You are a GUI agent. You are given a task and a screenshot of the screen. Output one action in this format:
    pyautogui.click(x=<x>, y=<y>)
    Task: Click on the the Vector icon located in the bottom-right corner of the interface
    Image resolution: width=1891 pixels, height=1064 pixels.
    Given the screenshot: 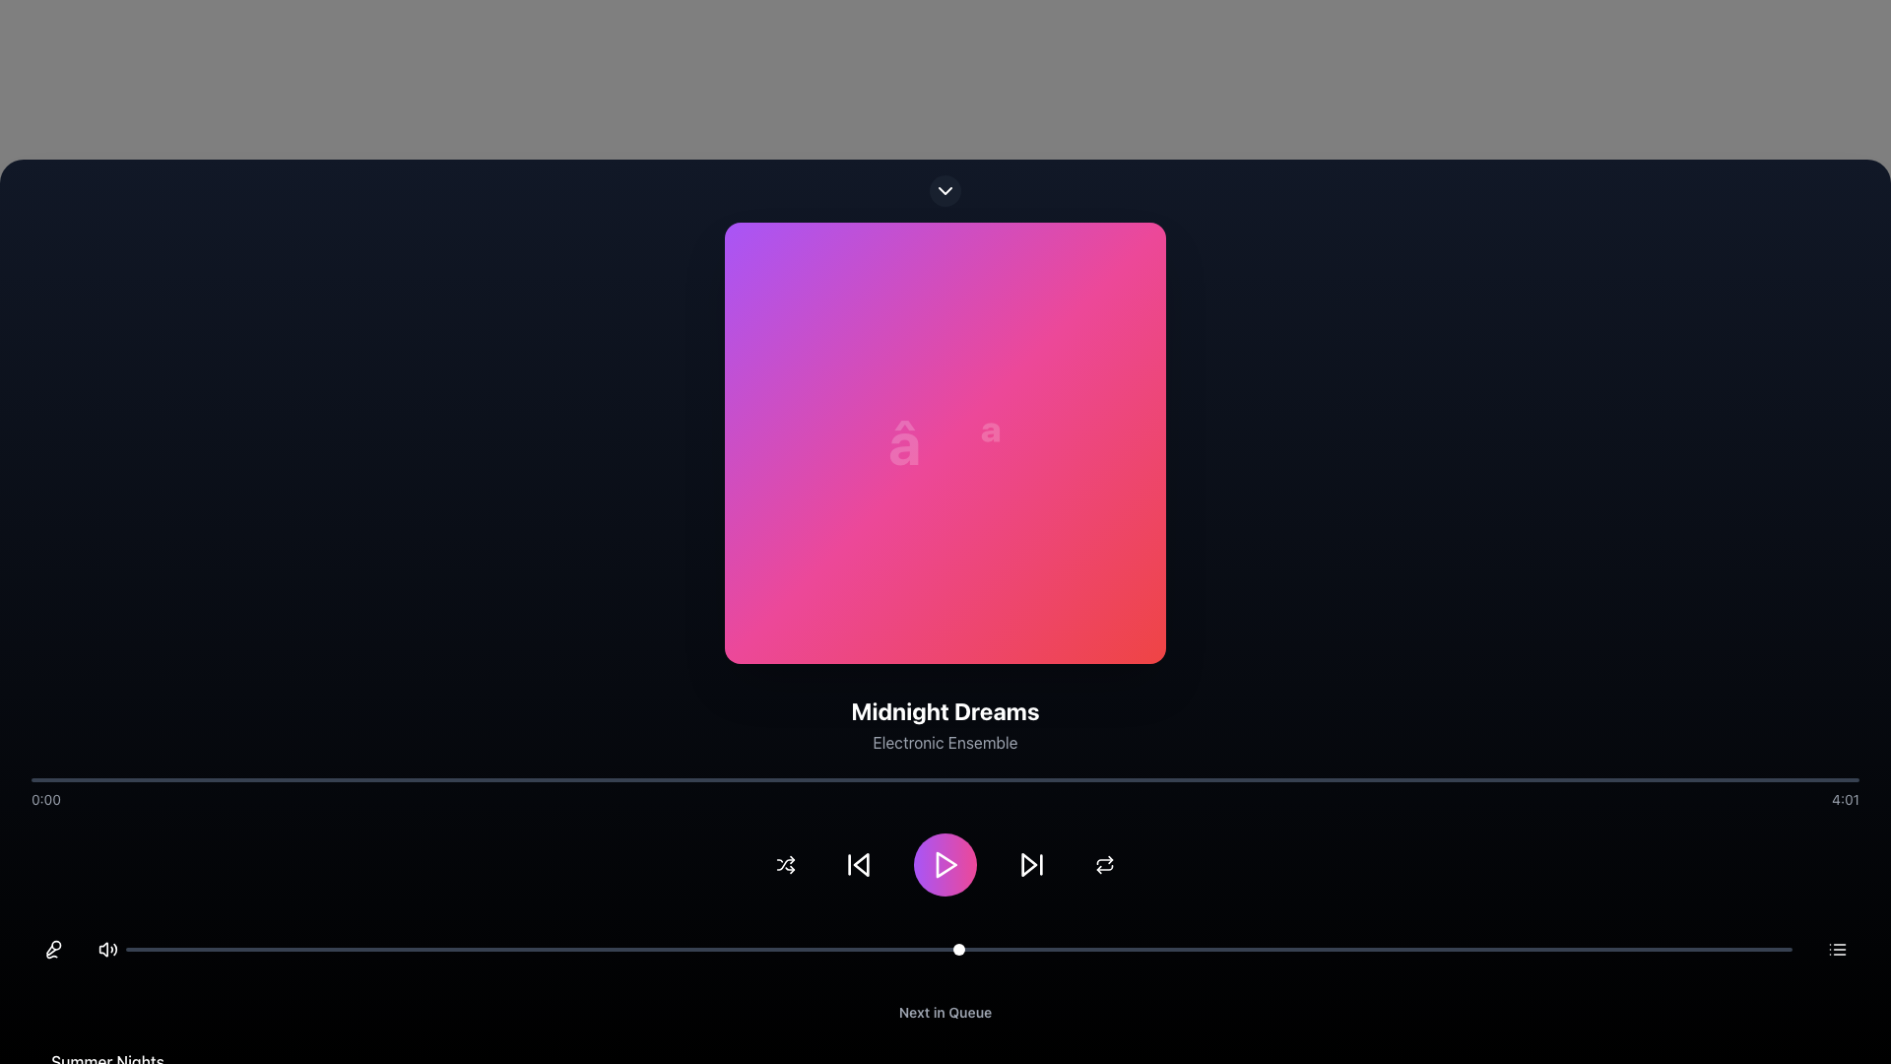 What is the action you would take?
    pyautogui.click(x=1837, y=949)
    